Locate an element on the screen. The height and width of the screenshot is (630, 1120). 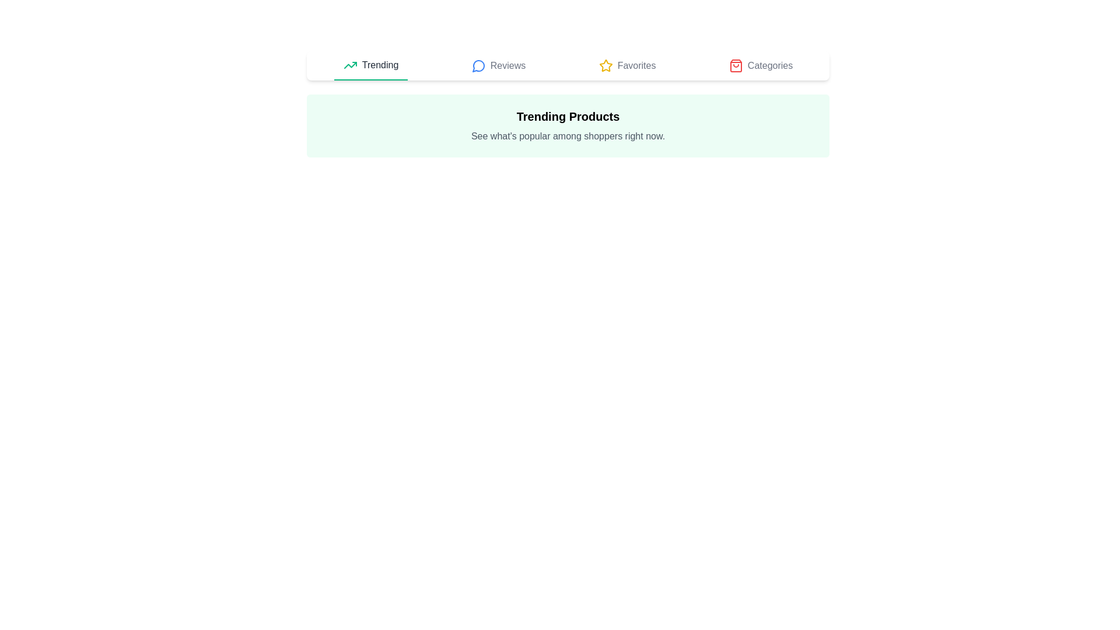
the 'Categories' text label, which is styled with a gray font and located next to a red shopping bag icon in the navigational header is located at coordinates (770, 65).